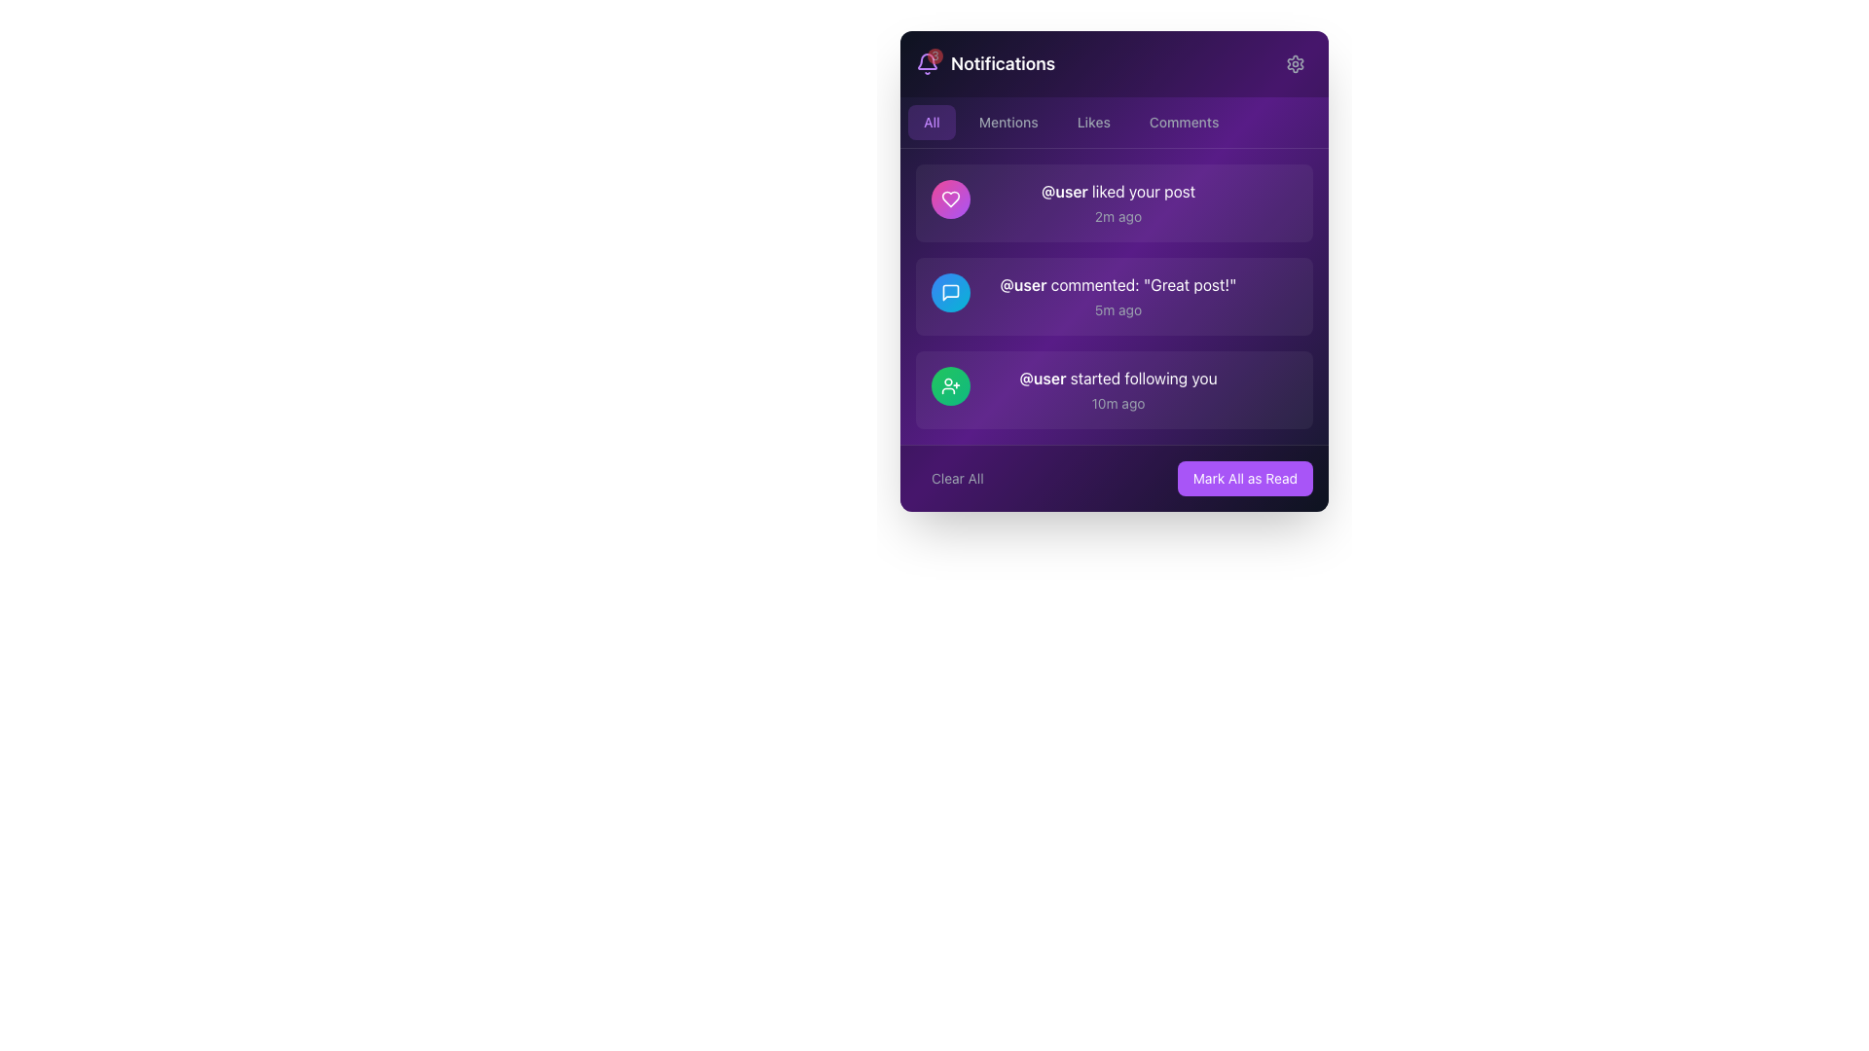  Describe the element at coordinates (1063, 191) in the screenshot. I see `the bold text label element containing '@user' which is part of the notification message '@user liked your post'` at that location.